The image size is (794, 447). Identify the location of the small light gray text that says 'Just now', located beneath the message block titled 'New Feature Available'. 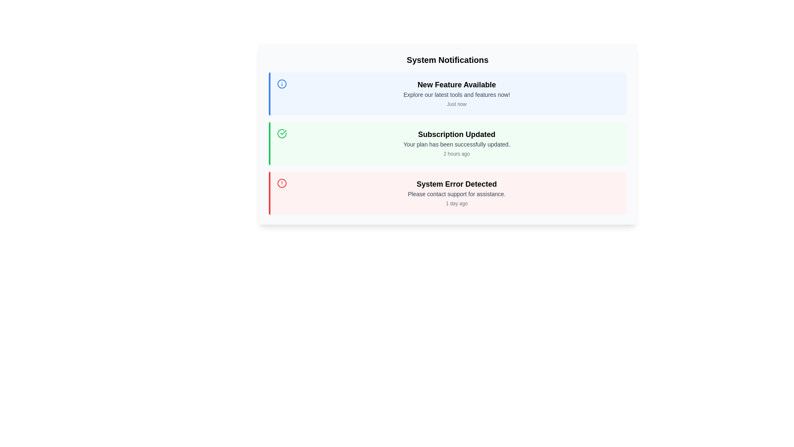
(456, 103).